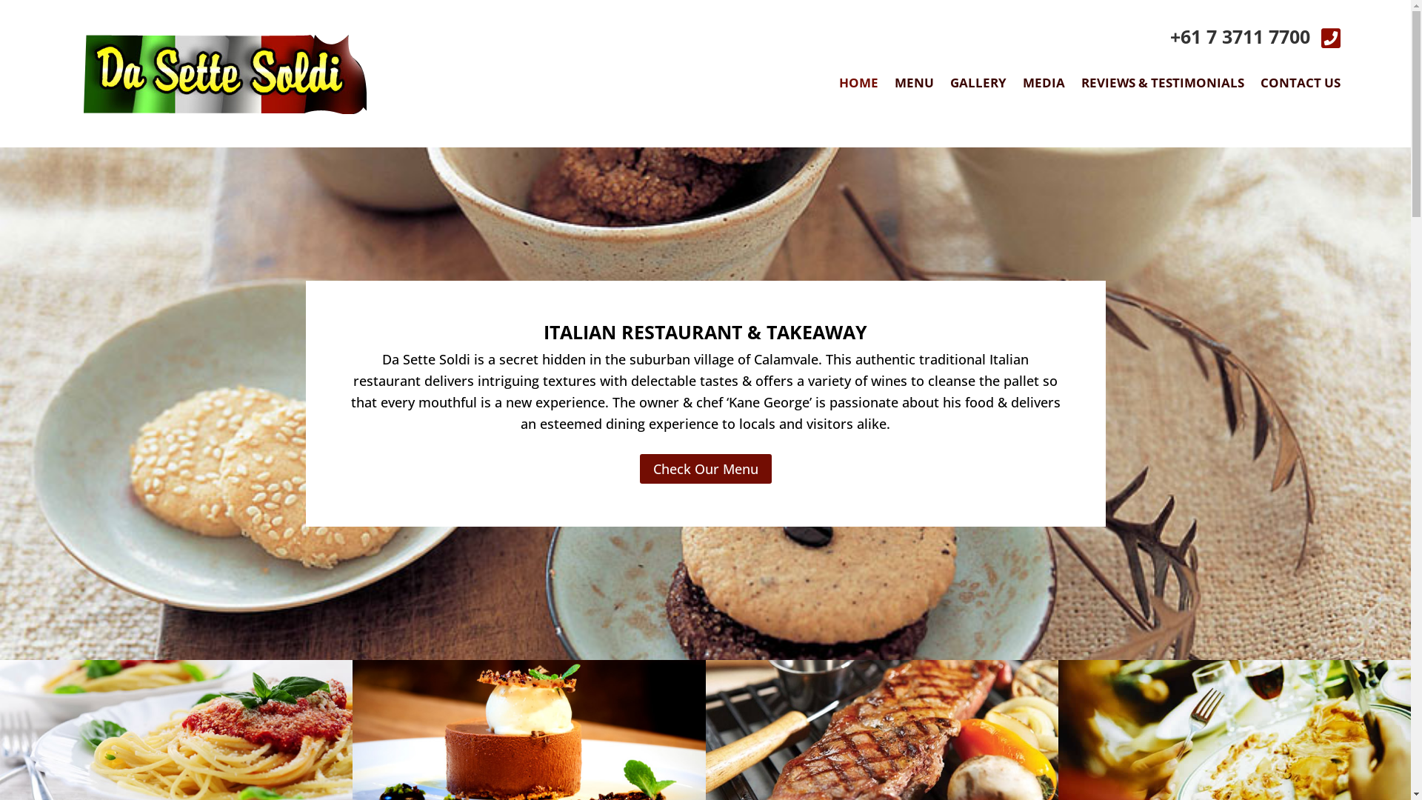  I want to click on 'logo', so click(224, 73).